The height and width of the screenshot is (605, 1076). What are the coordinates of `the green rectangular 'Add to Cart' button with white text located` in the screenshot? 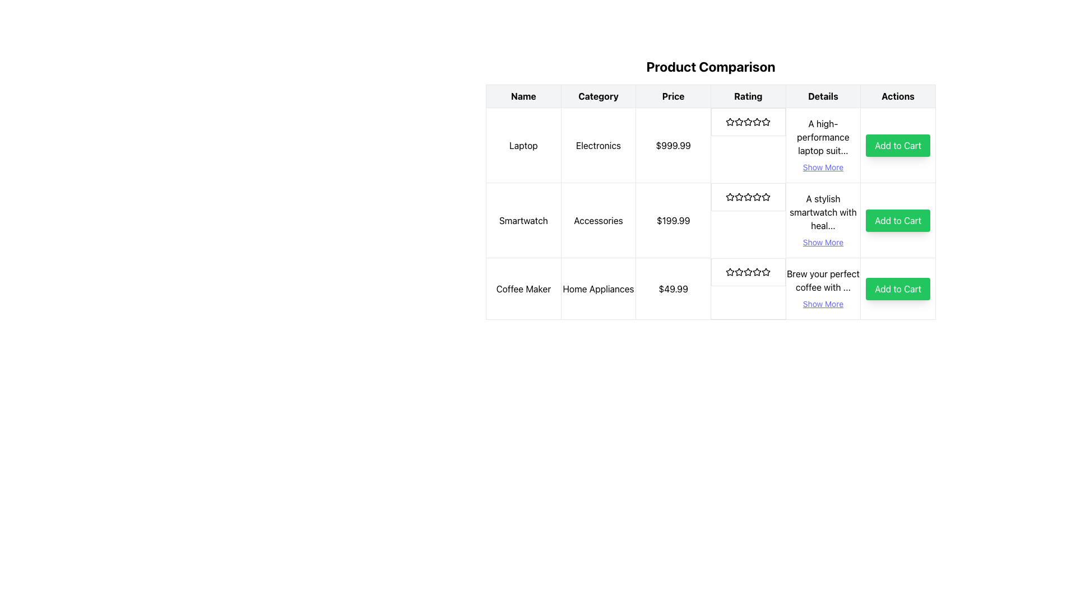 It's located at (898, 220).